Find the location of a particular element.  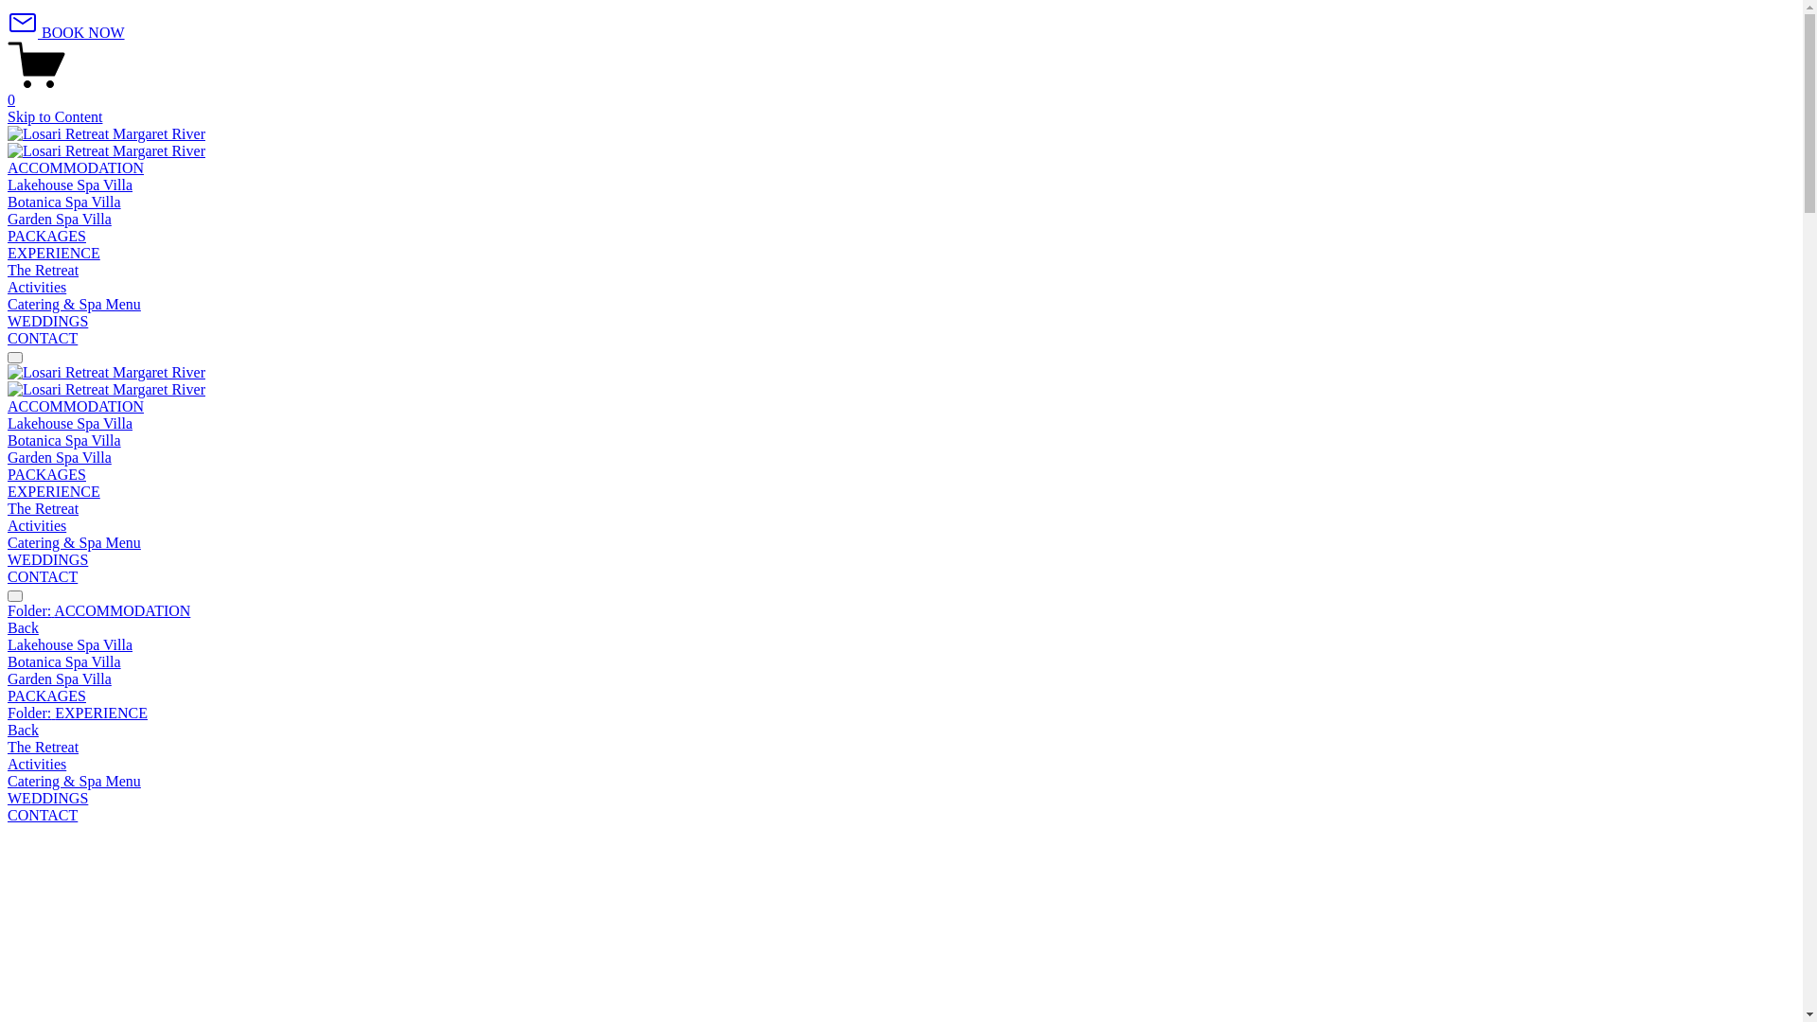

'CONTACT' is located at coordinates (42, 337).